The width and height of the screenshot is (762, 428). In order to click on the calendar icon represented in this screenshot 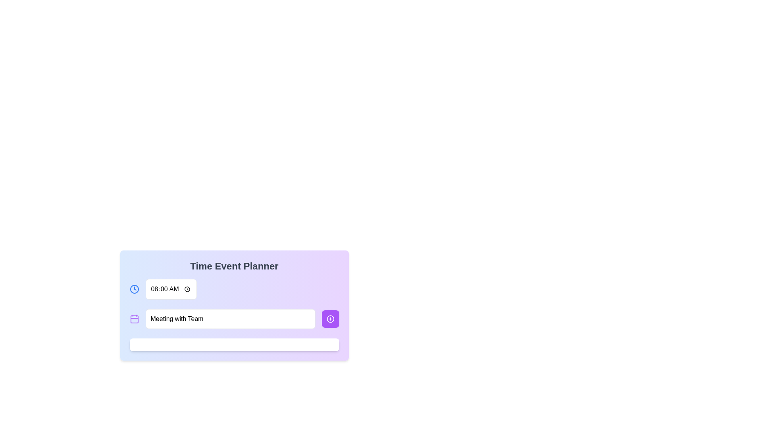, I will do `click(134, 319)`.